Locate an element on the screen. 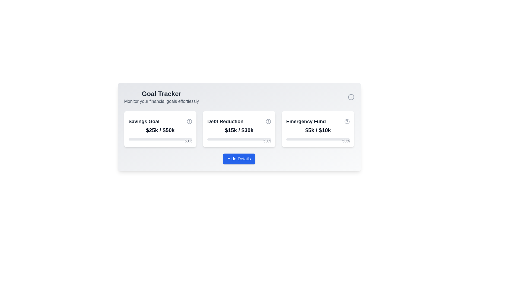 The image size is (521, 293). progress information from the progress bar that shows 50% completion, located within the 'Debt Reduction' box beneath the '$15k / $30k' text is located at coordinates (239, 139).